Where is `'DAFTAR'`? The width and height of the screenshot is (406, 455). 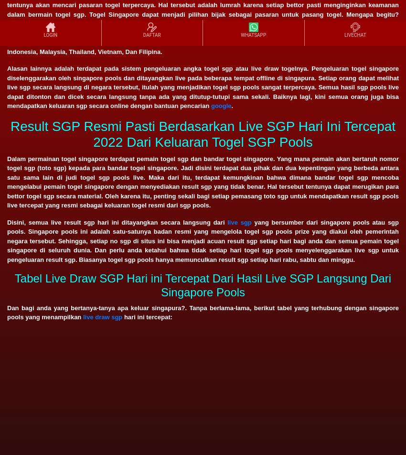 'DAFTAR' is located at coordinates (151, 35).